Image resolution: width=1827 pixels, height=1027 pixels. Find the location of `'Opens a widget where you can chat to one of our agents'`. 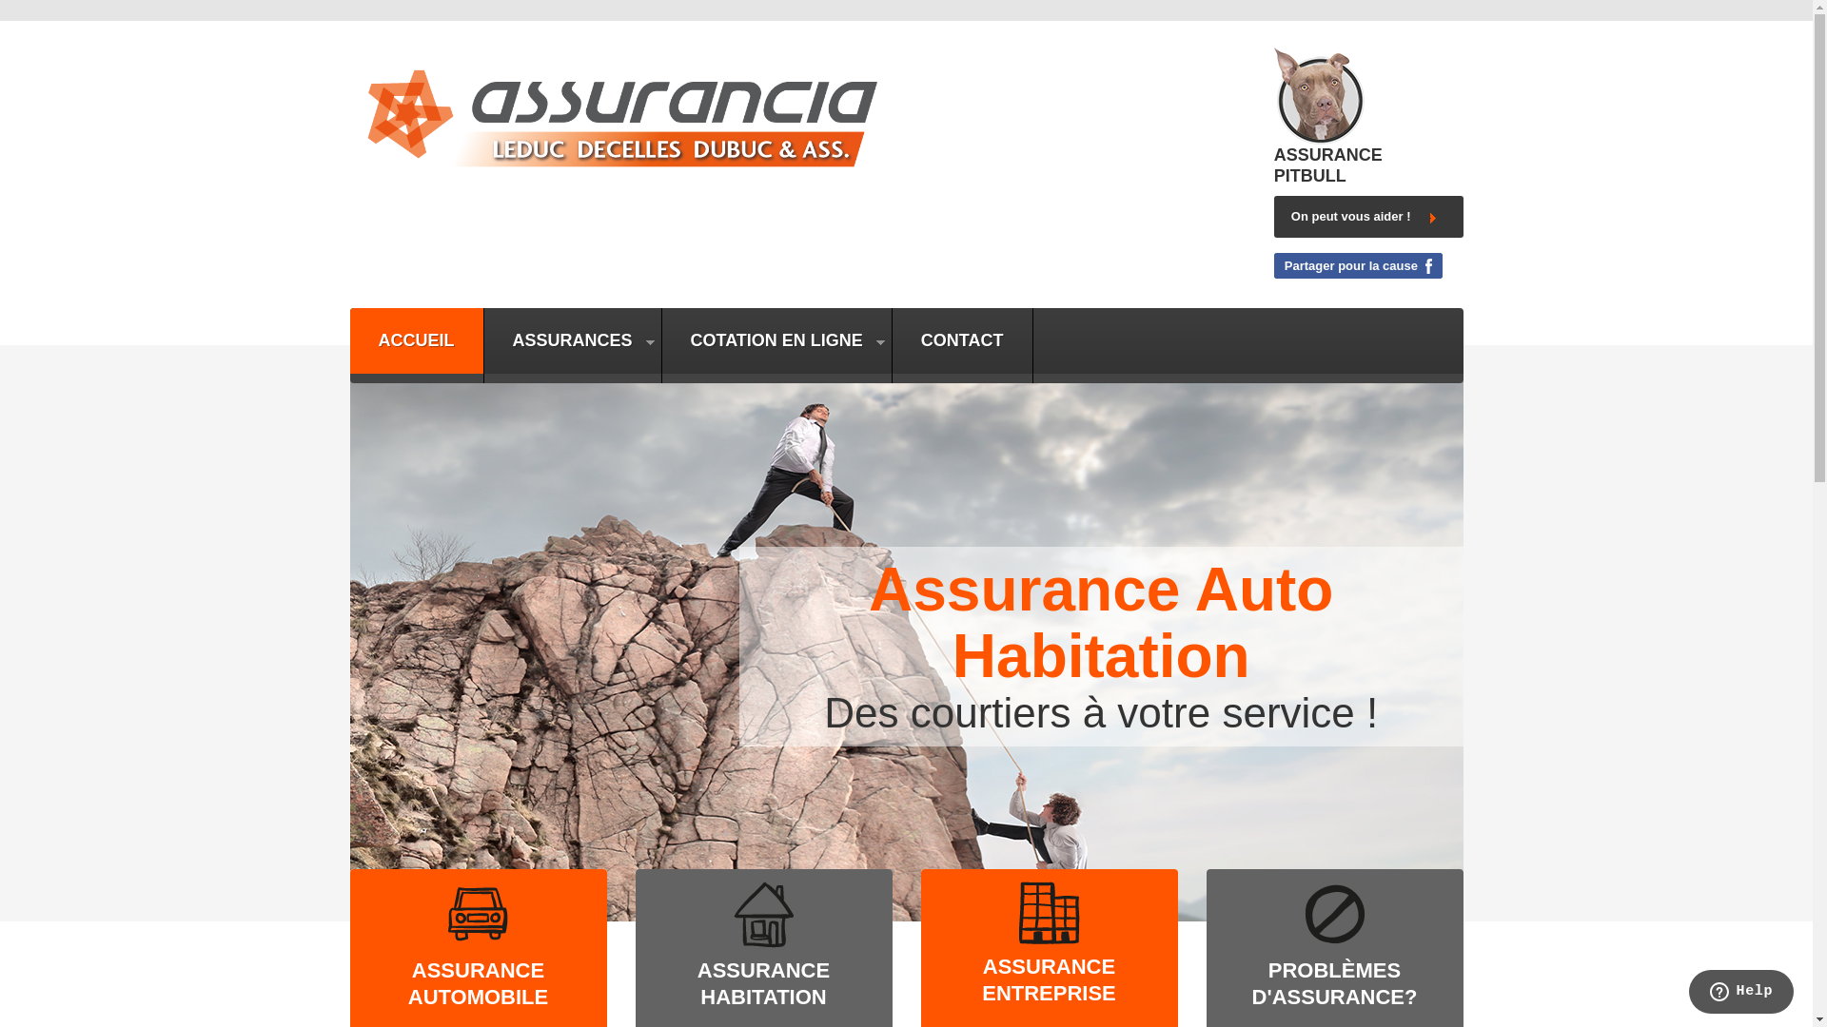

'Opens a widget where you can chat to one of our agents' is located at coordinates (1688, 993).